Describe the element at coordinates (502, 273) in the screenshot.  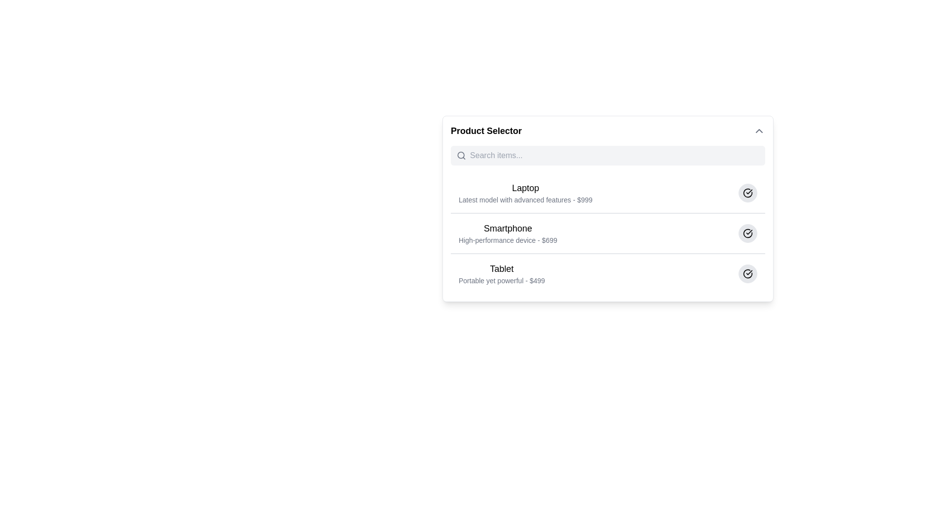
I see `the Text description block titled 'Tablet' which has a medium-sized font and contains a description 'Portable yet powerful - $499'` at that location.